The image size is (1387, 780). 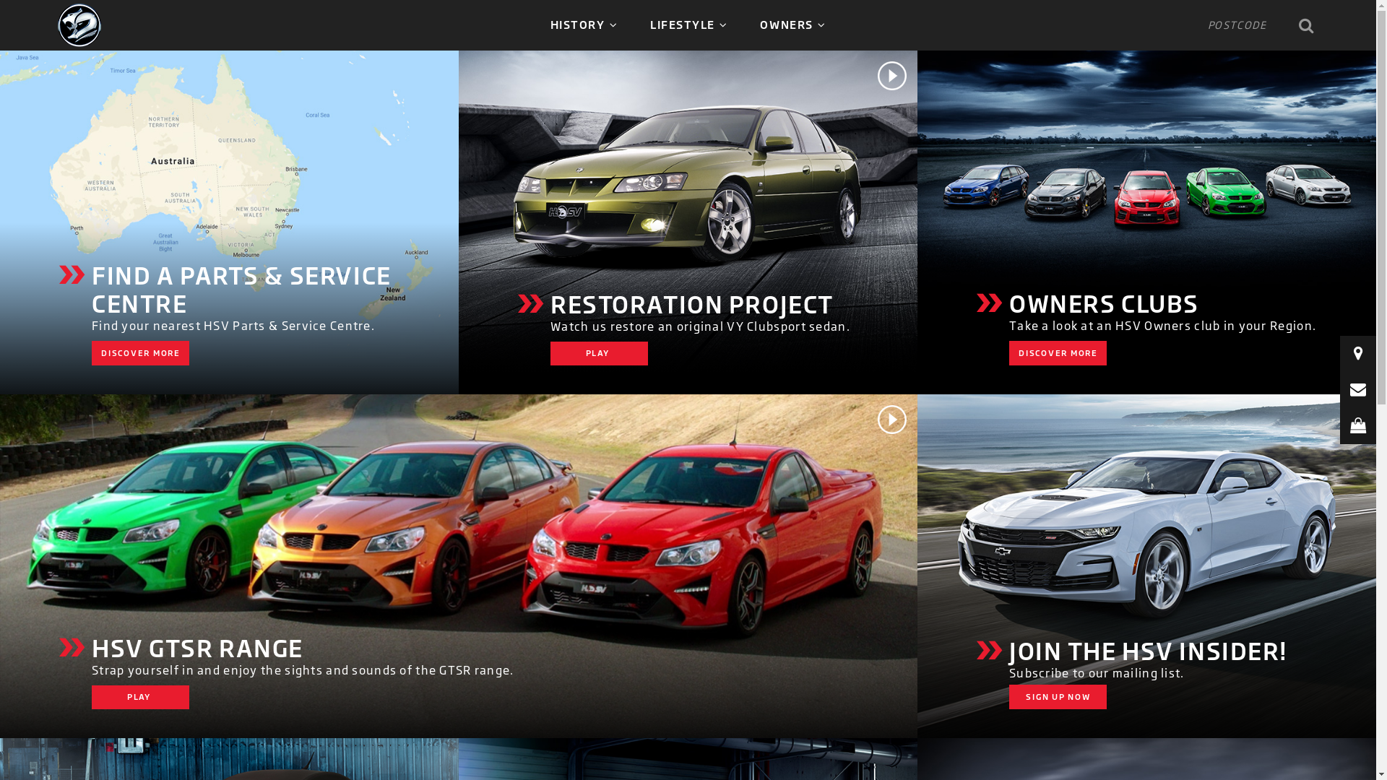 What do you see at coordinates (792, 25) in the screenshot?
I see `'OWNERS'` at bounding box center [792, 25].